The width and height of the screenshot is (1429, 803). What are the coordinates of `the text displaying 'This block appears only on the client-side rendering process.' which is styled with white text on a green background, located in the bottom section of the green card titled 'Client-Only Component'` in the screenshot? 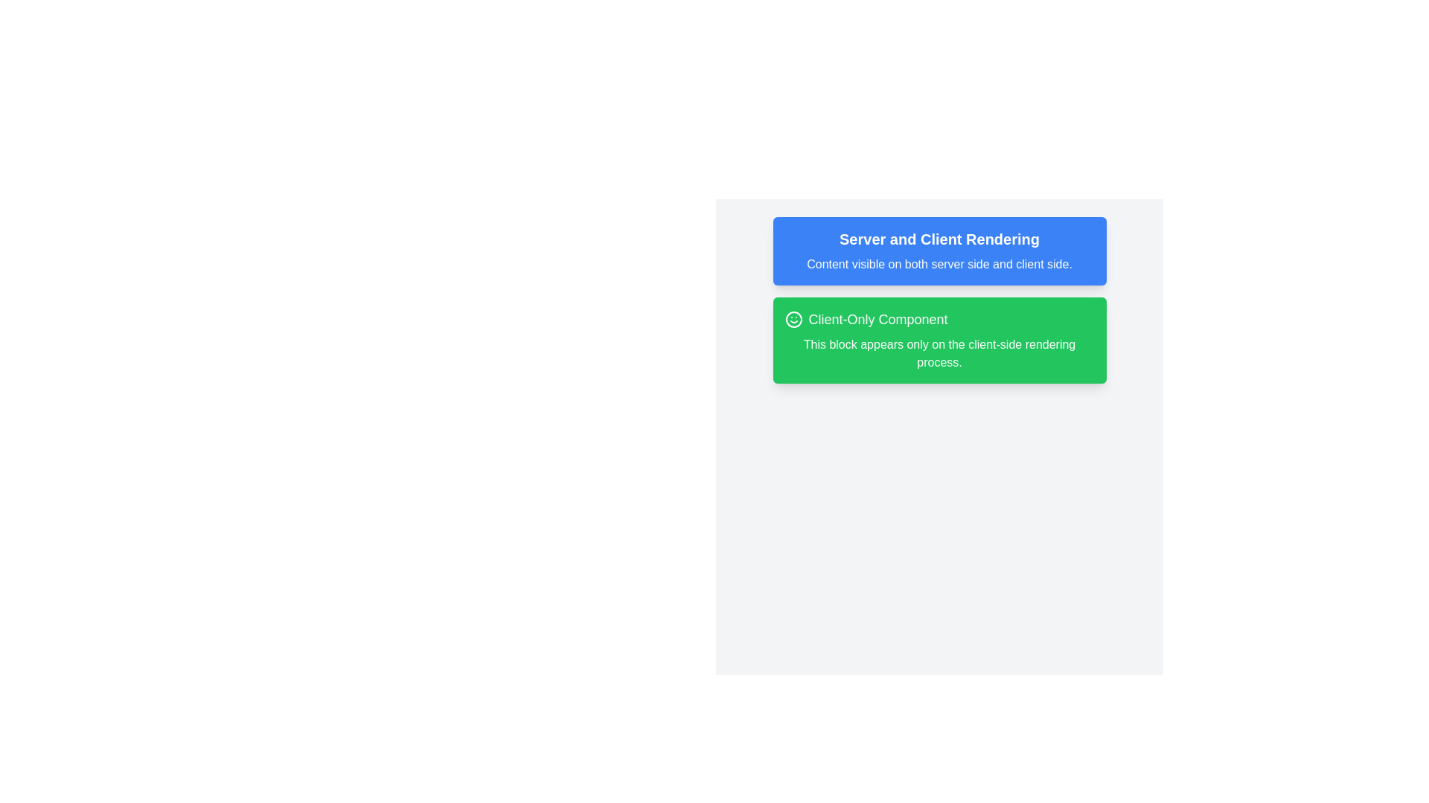 It's located at (939, 353).